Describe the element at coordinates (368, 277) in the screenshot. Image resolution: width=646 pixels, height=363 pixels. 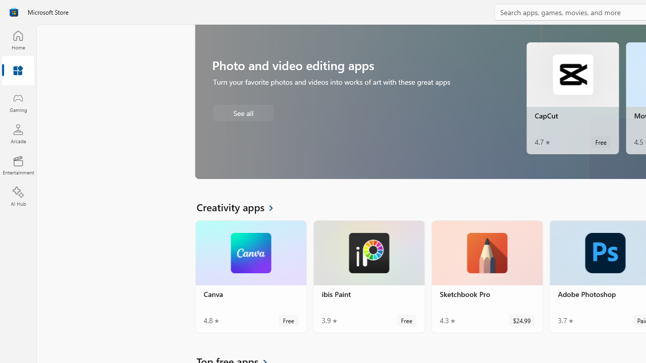
I see `'ibis Paint. Average rating of 3.9 out of five stars. Free  '` at that location.